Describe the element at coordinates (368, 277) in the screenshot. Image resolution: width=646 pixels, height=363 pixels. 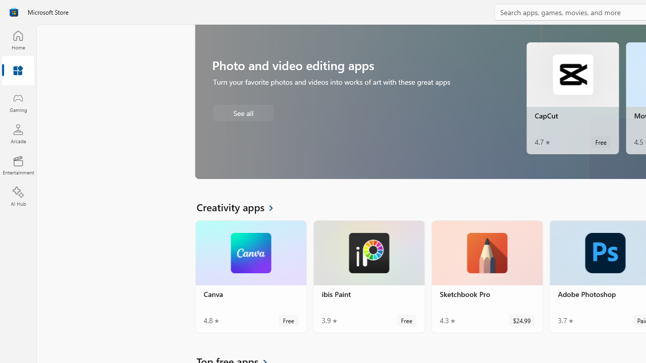
I see `'ibis Paint. Average rating of 3.9 out of five stars. Free  '` at that location.